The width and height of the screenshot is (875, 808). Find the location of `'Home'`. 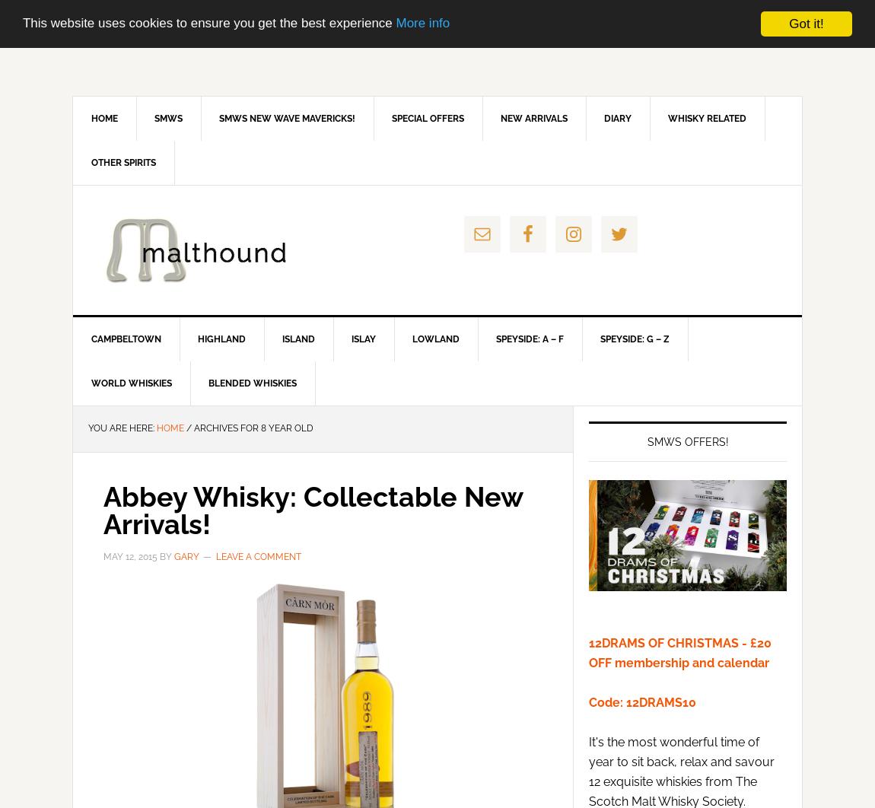

'Home' is located at coordinates (103, 119).